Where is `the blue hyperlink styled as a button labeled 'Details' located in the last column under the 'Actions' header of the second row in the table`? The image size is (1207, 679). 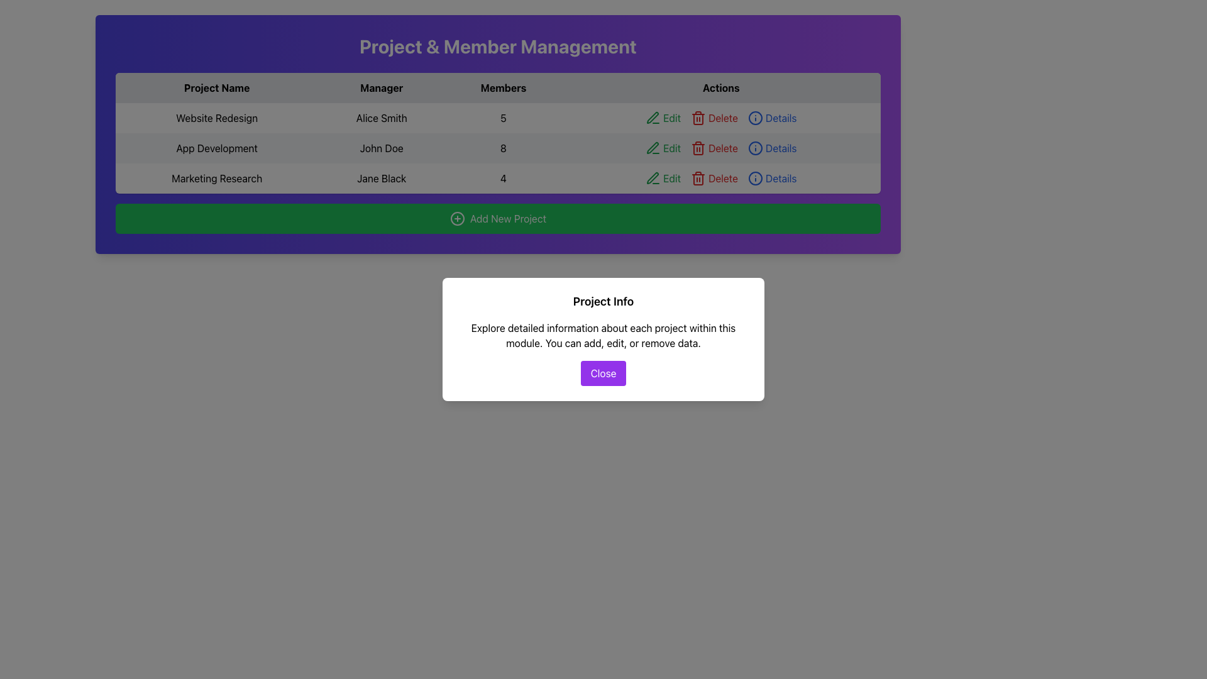 the blue hyperlink styled as a button labeled 'Details' located in the last column under the 'Actions' header of the second row in the table is located at coordinates (771, 147).